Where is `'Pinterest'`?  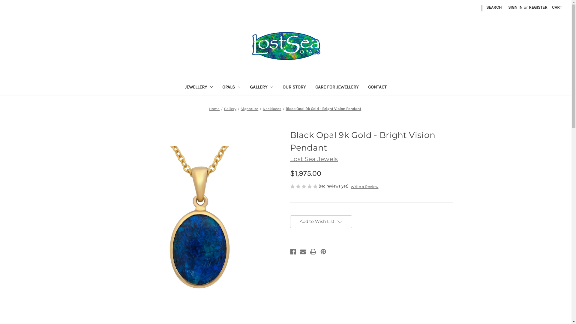 'Pinterest' is located at coordinates (323, 252).